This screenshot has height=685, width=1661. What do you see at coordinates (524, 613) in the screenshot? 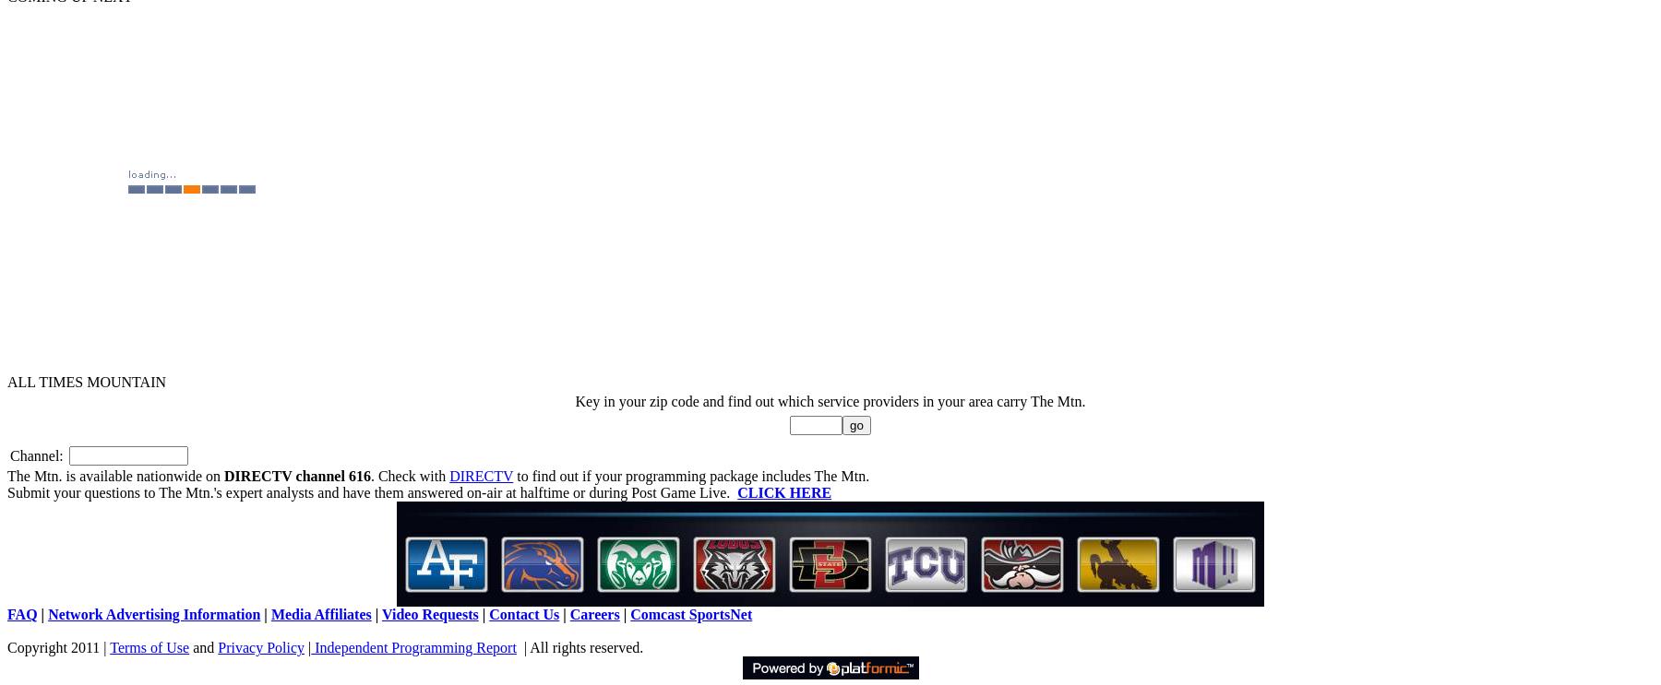
I see `'Contact Us'` at bounding box center [524, 613].